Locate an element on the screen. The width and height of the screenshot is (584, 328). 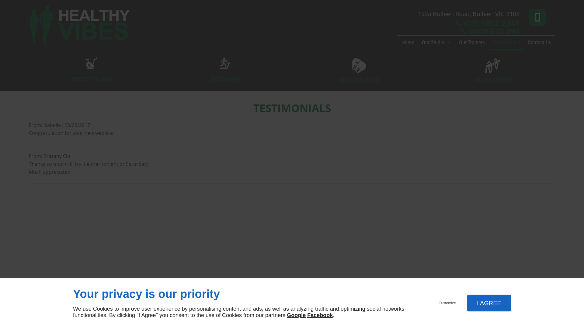
'Facebook' is located at coordinates (280, 297).